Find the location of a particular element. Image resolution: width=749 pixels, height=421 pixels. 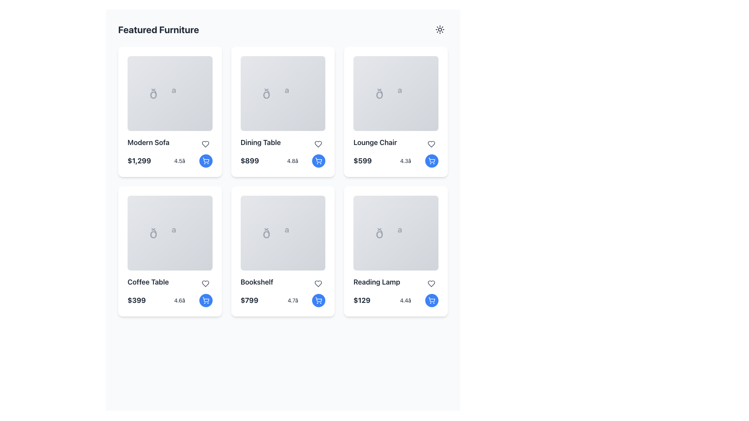

text displayed in the price label of the 'Reading Lamp' item card, located at the bottom-left corner of the card is located at coordinates (361, 300).